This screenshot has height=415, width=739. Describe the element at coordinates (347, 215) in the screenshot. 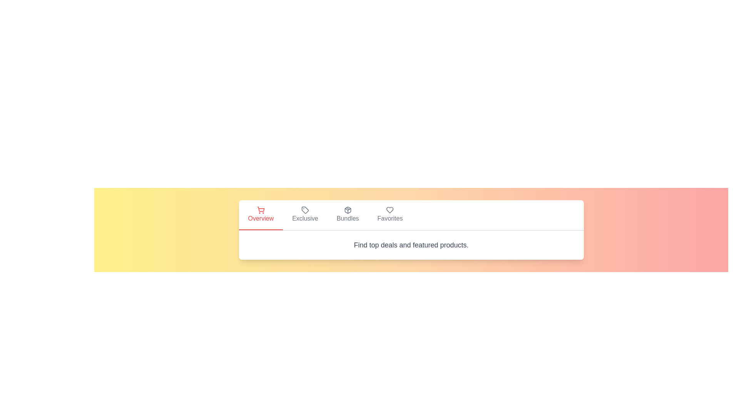

I see `the tab labeled Bundles to switch to that view` at that location.